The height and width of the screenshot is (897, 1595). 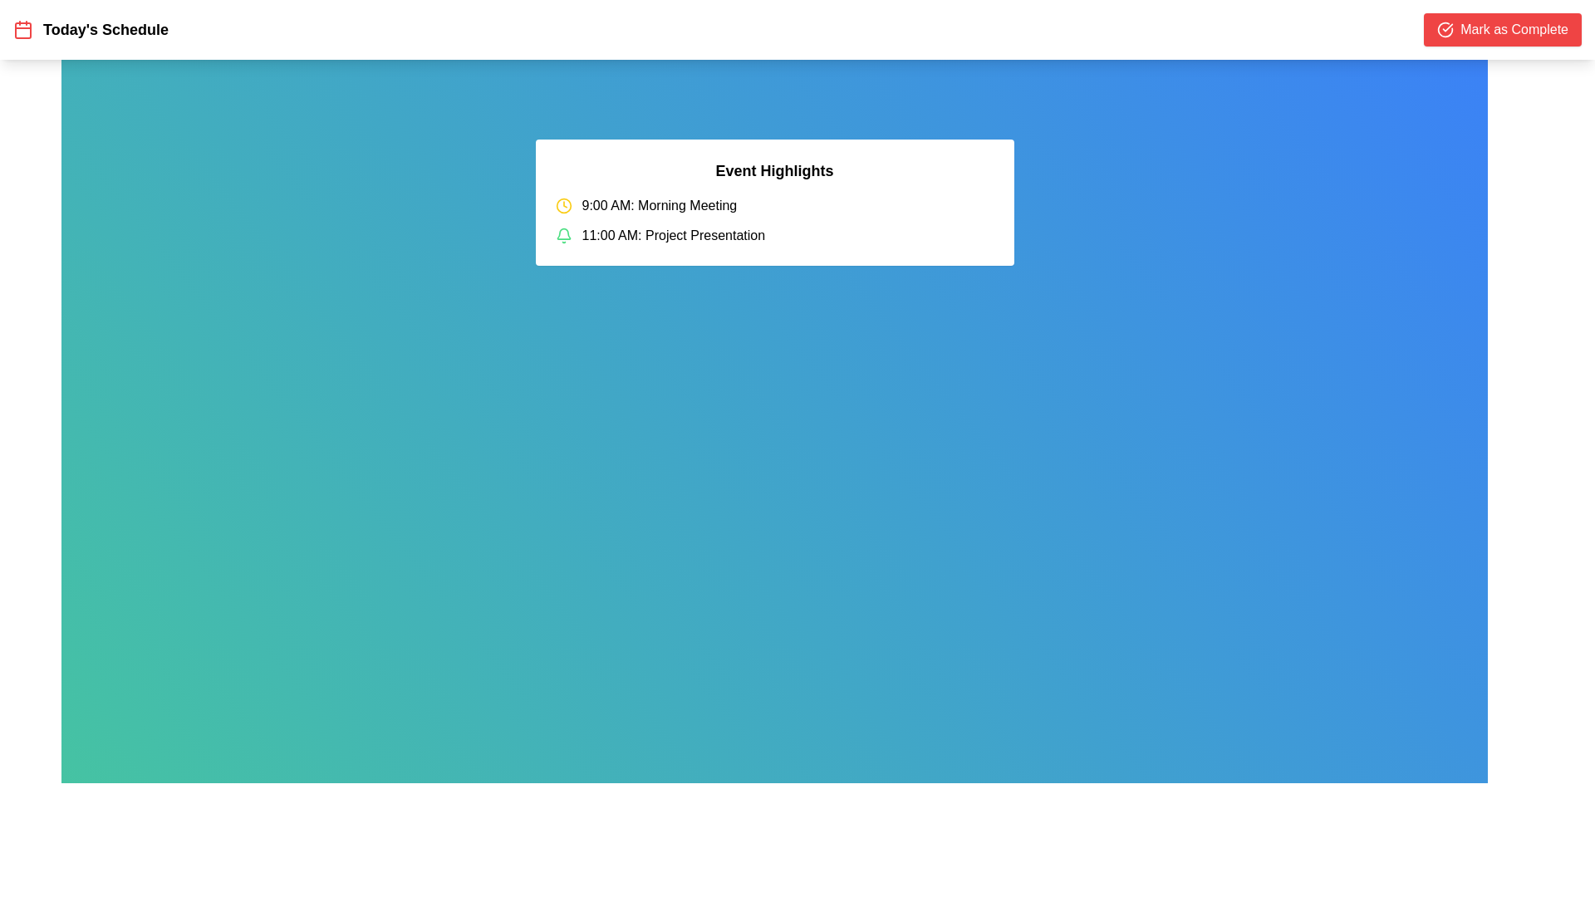 What do you see at coordinates (563, 204) in the screenshot?
I see `the clock icon that visually represents the event time associated with '9:00 AM: Morning Meeting' in the 'Event Highlights' card` at bounding box center [563, 204].